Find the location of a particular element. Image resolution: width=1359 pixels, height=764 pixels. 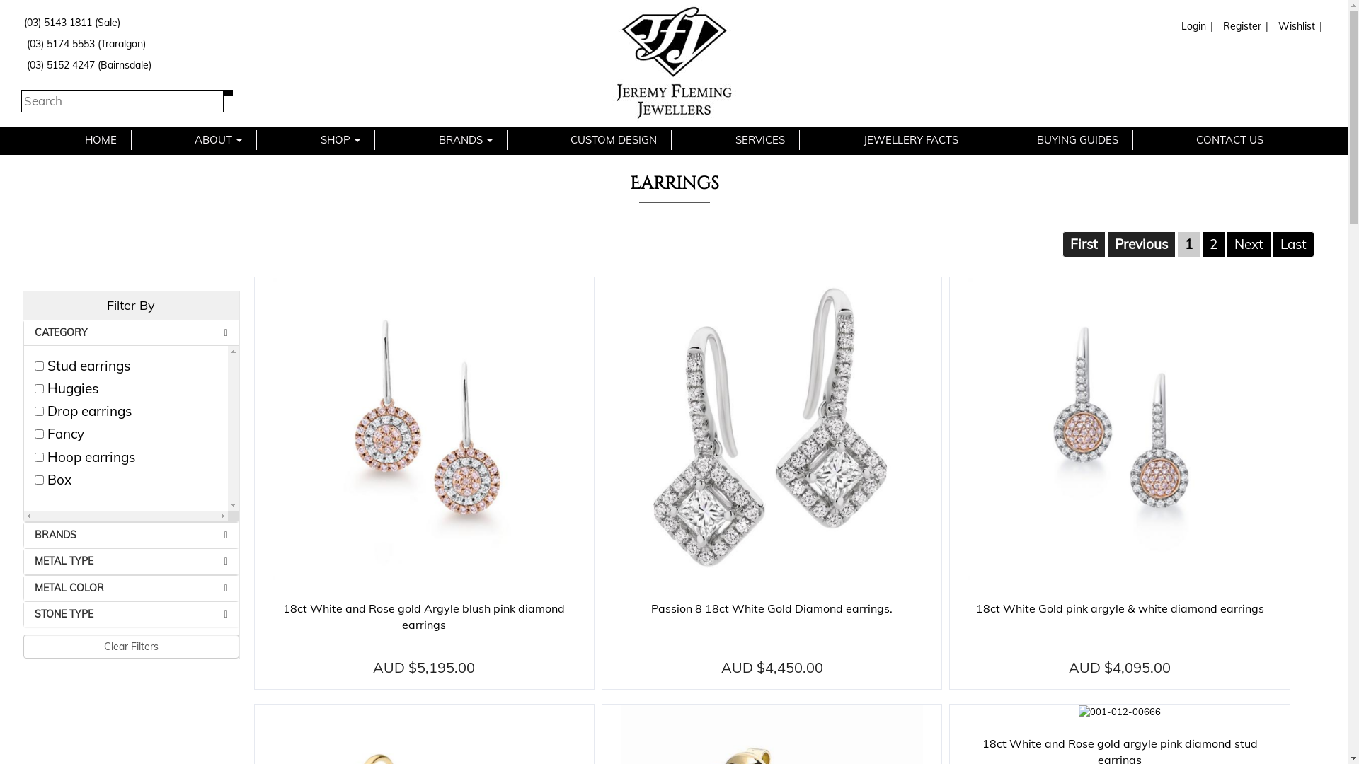

'Hoop earrings' is located at coordinates (39, 457).